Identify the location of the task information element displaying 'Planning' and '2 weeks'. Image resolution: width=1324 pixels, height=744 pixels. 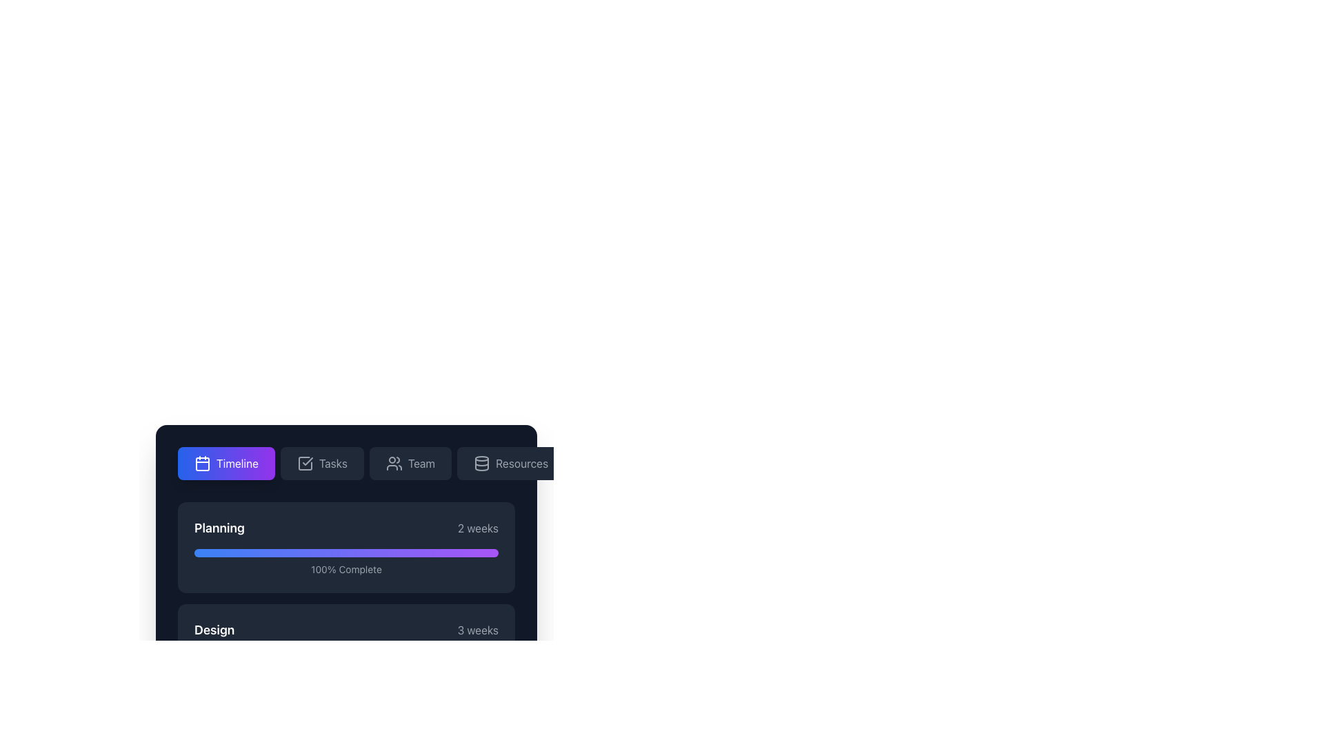
(346, 528).